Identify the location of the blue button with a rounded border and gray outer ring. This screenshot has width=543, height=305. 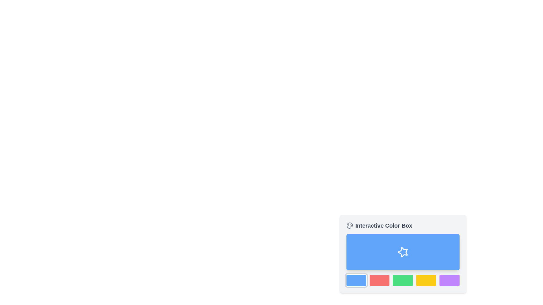
(356, 280).